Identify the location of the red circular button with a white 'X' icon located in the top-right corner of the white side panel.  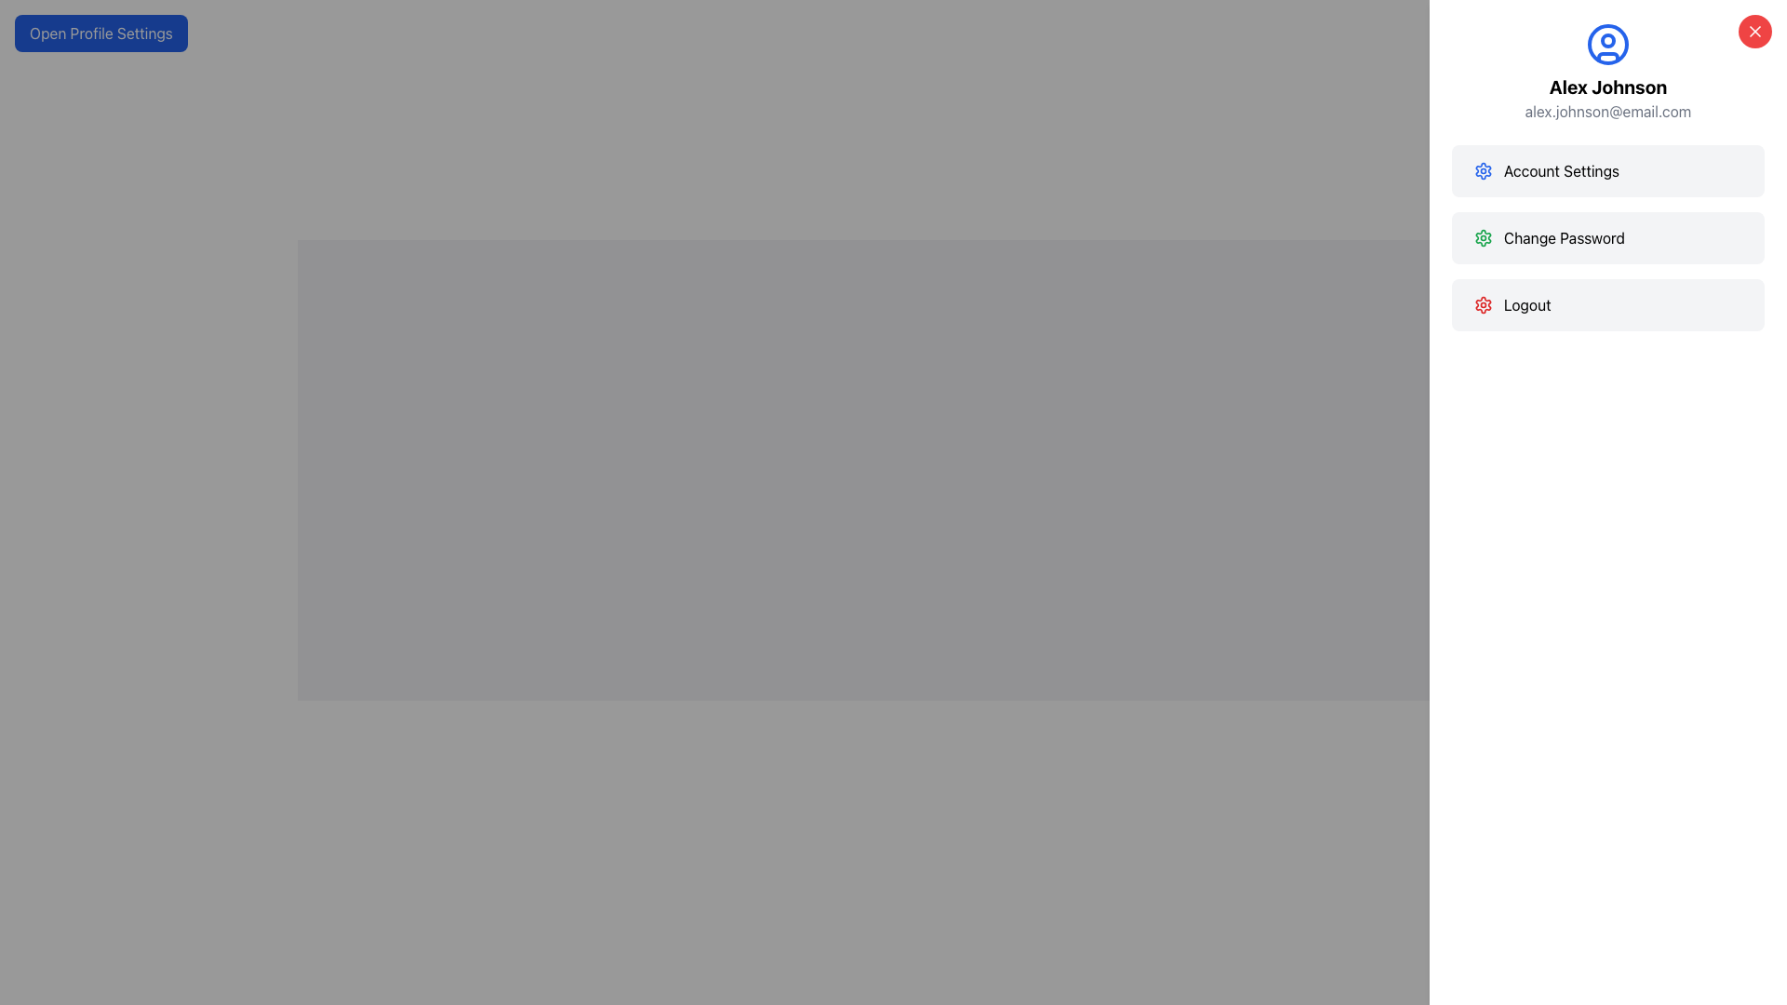
(1754, 32).